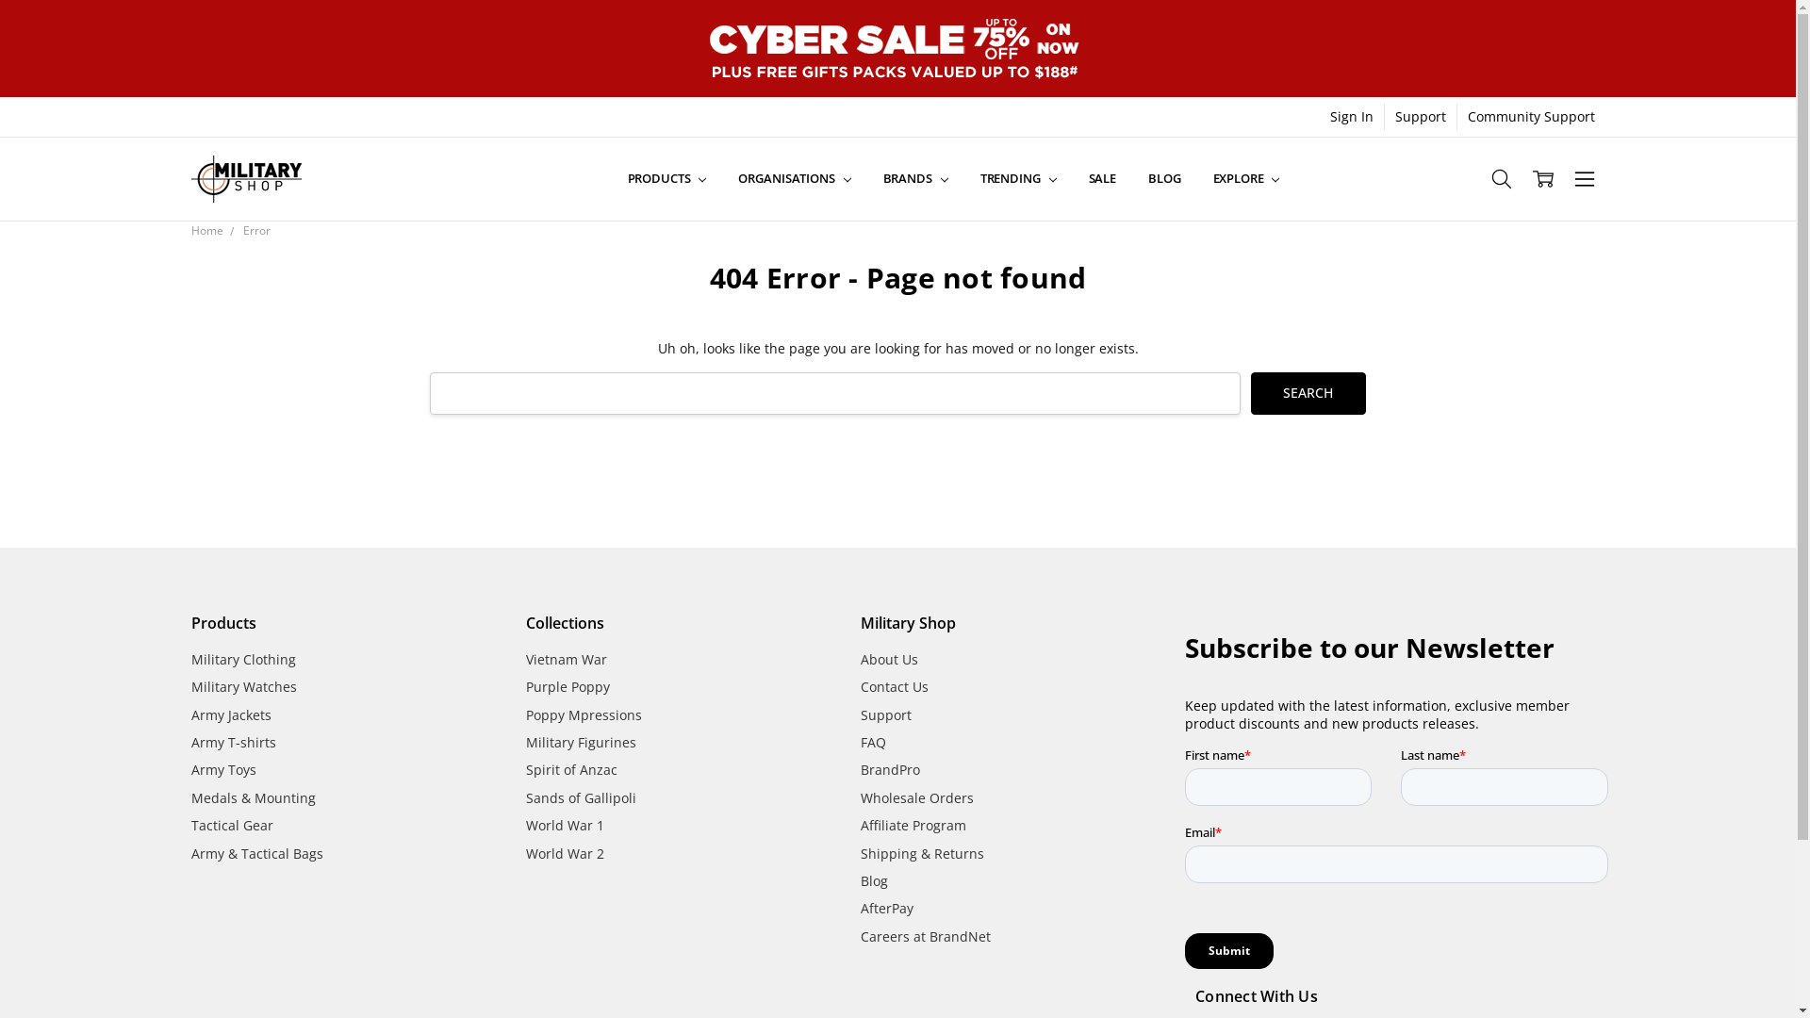 The height and width of the screenshot is (1018, 1810). What do you see at coordinates (859, 936) in the screenshot?
I see `'Careers at BrandNet'` at bounding box center [859, 936].